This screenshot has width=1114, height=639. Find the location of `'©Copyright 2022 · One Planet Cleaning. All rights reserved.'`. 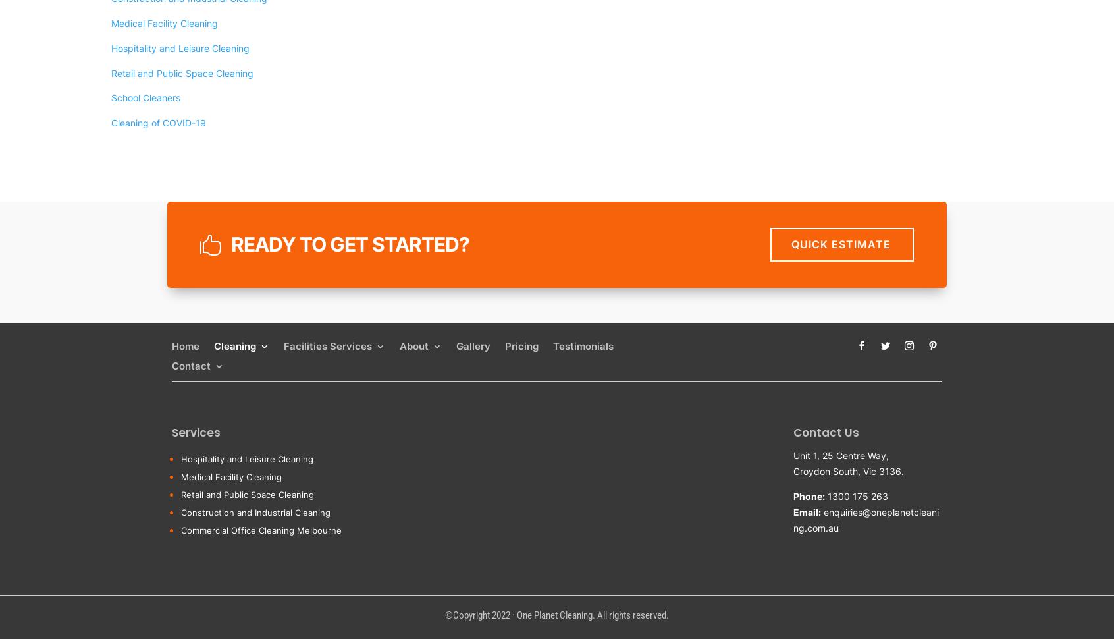

'©Copyright 2022 · One Planet Cleaning. All rights reserved.' is located at coordinates (444, 614).